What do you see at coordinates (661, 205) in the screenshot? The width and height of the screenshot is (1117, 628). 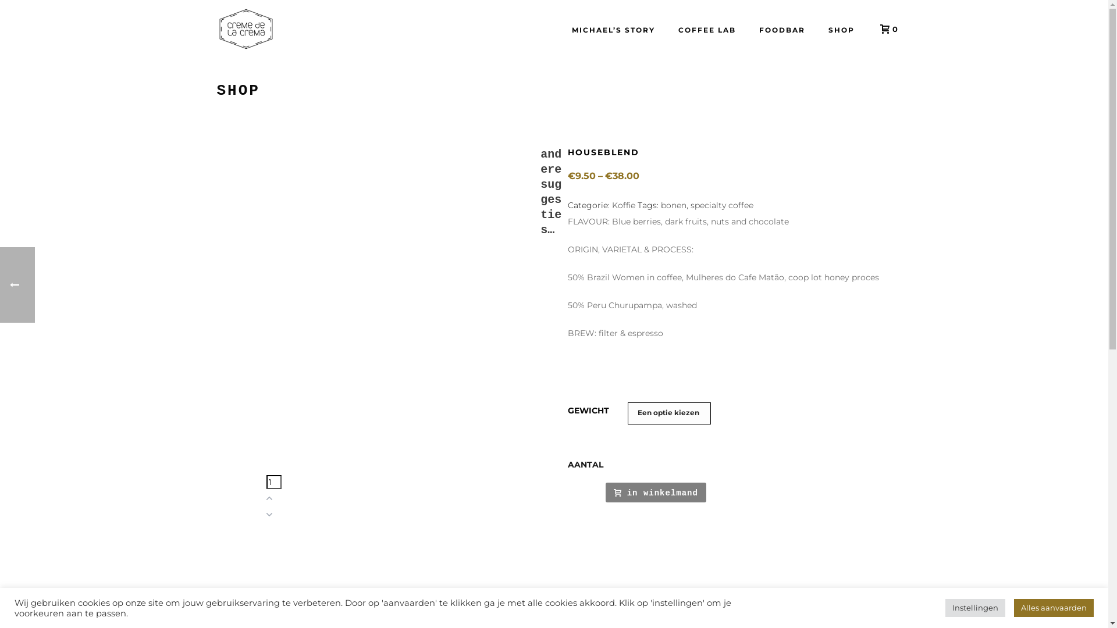 I see `'bonen'` at bounding box center [661, 205].